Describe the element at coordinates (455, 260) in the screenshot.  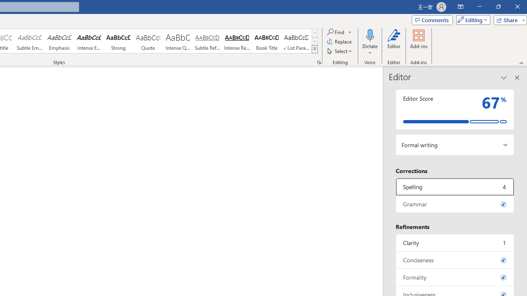
I see `'Conciseness, 0 issues. Press space or enter to review items.'` at that location.